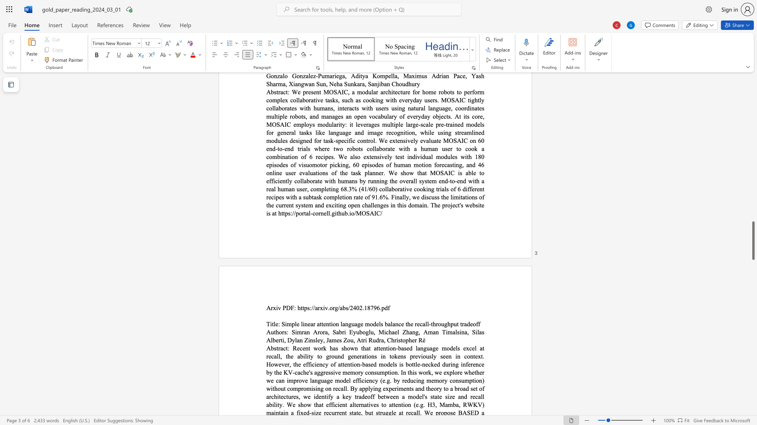 The height and width of the screenshot is (425, 757). What do you see at coordinates (753, 141) in the screenshot?
I see `the scrollbar on the right to move the page upward` at bounding box center [753, 141].